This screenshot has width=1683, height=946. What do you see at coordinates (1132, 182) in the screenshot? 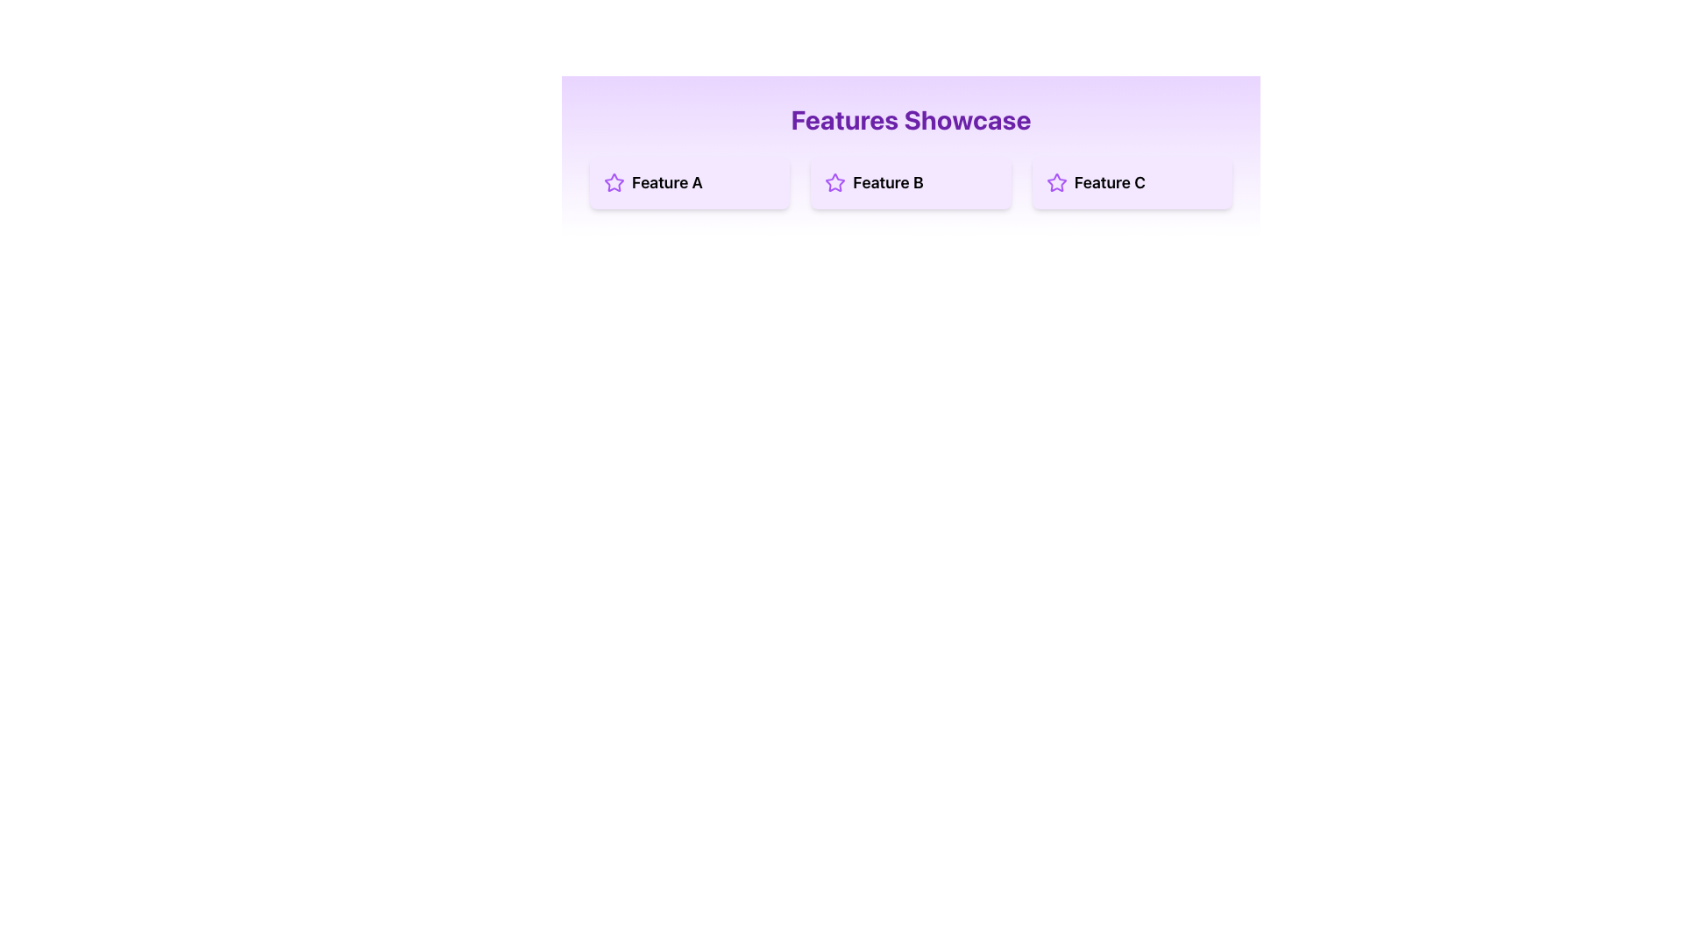
I see `the 'Feature C' text with a star icon` at bounding box center [1132, 182].